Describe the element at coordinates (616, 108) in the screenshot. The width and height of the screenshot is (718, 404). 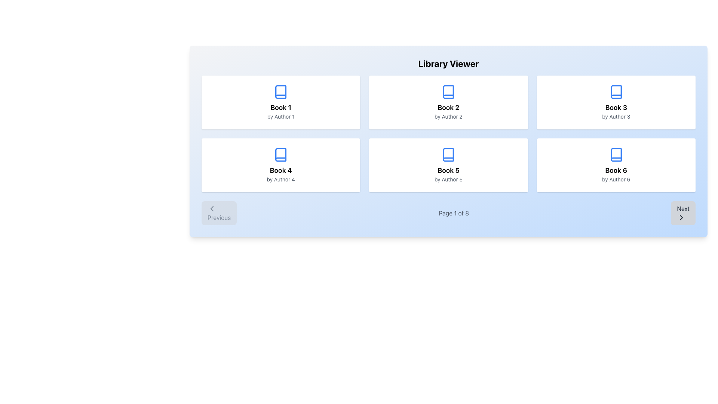
I see `the text label that reads 'Book 3', which is prominently displayed in bold black font at the top center of the book information card` at that location.